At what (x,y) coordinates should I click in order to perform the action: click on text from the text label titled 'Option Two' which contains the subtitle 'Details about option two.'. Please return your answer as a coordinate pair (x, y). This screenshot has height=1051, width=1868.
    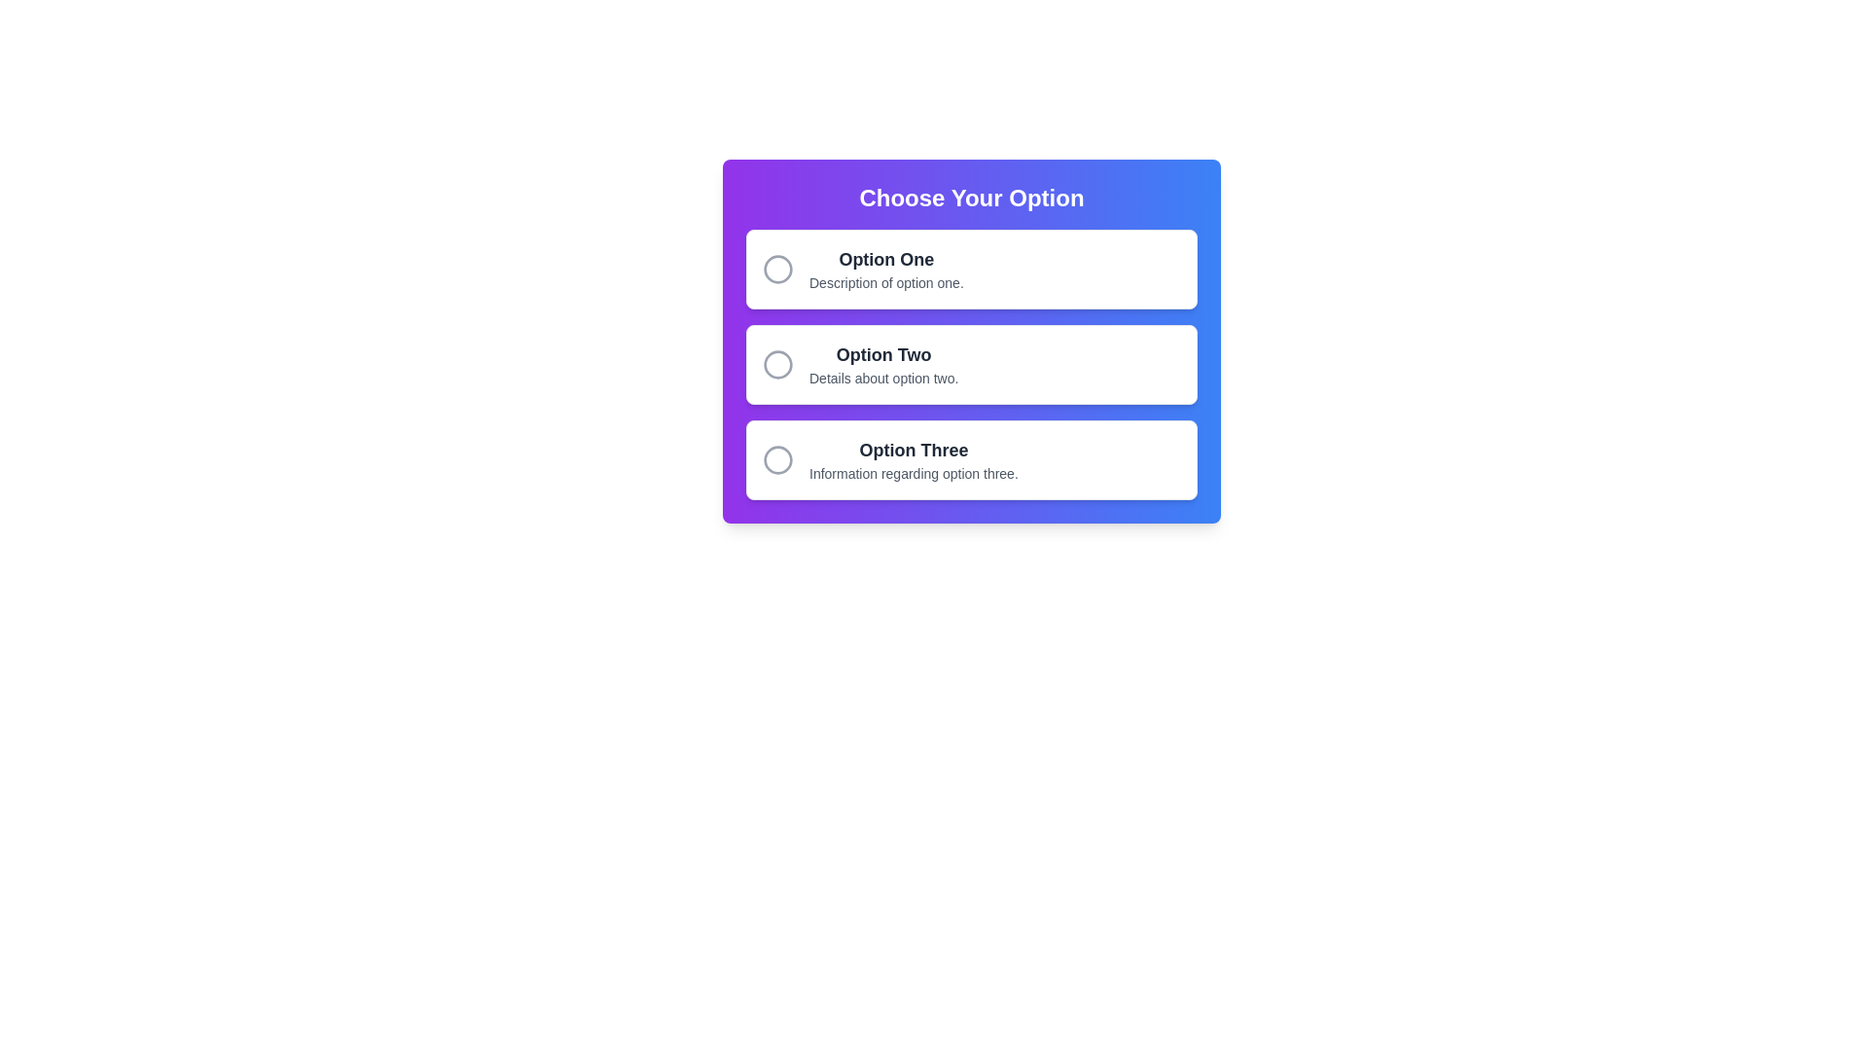
    Looking at the image, I should click on (882, 364).